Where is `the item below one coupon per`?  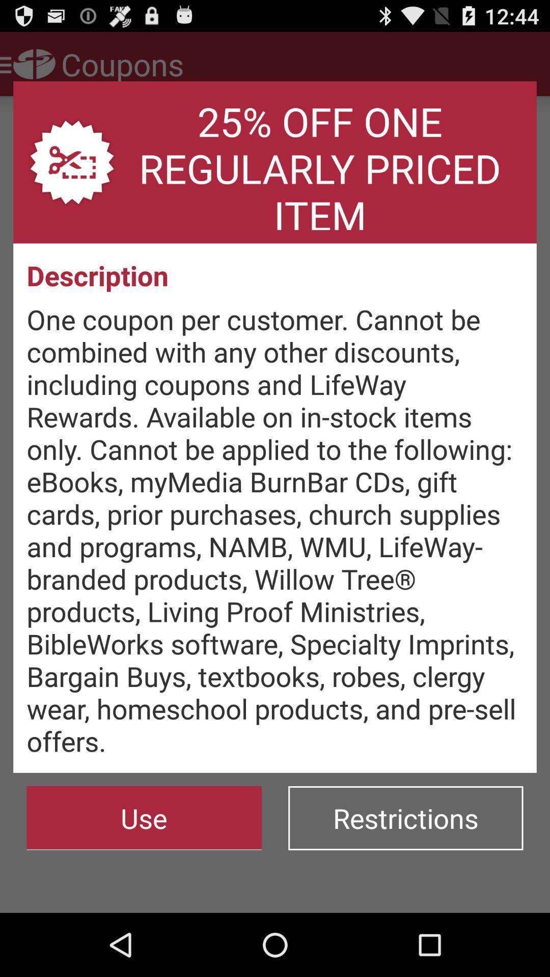 the item below one coupon per is located at coordinates (405, 818).